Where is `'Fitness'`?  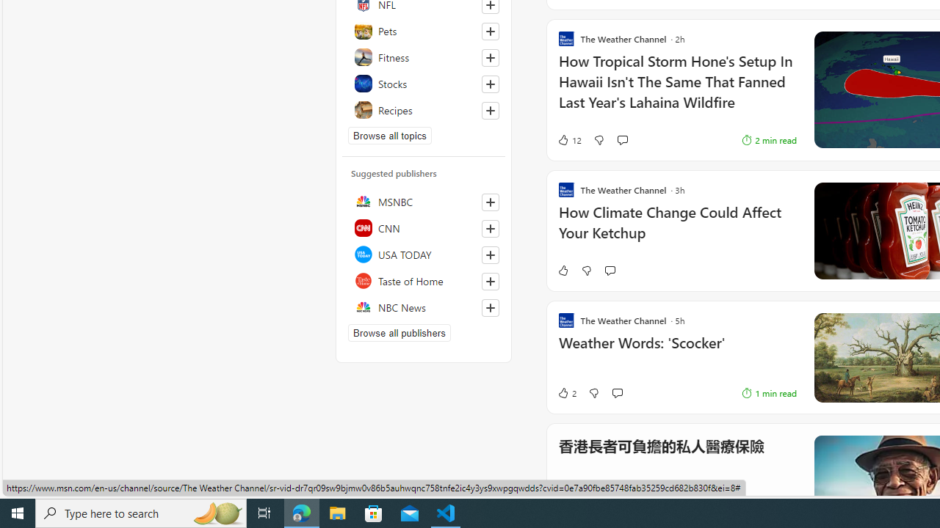
'Fitness' is located at coordinates (423, 56).